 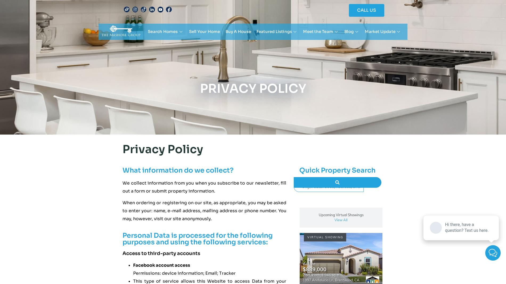 I want to click on 'Meet the Team', so click(x=318, y=31).